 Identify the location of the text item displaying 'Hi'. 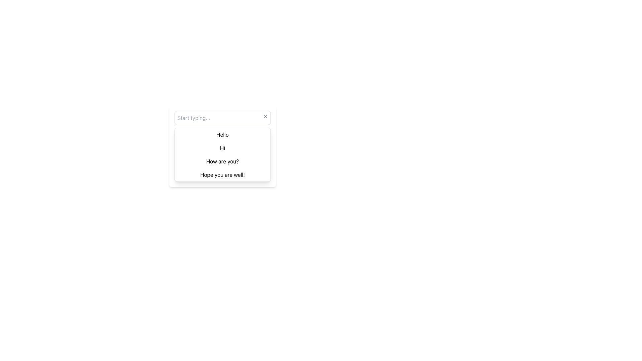
(222, 148).